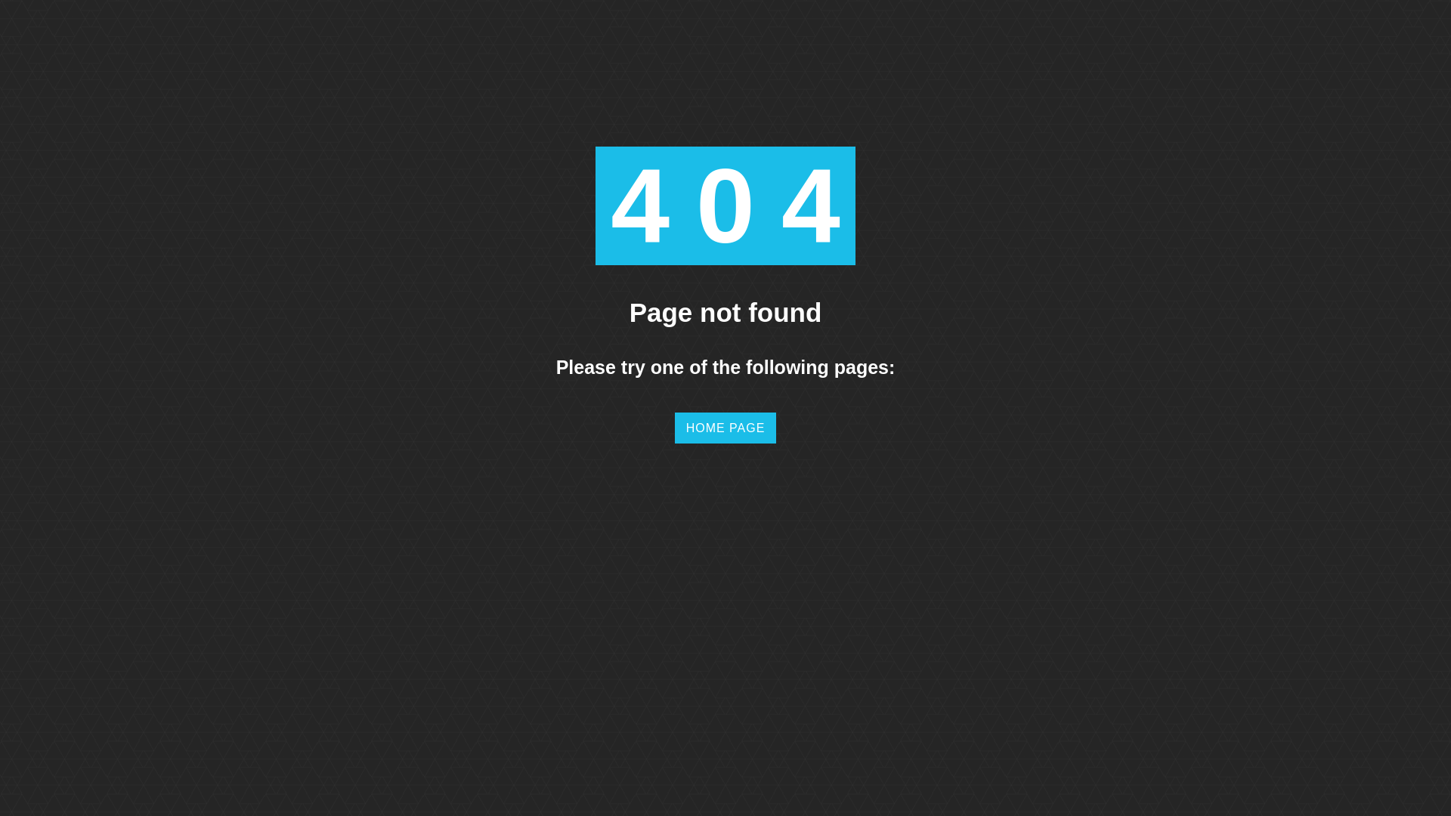  I want to click on 'HOME PAGE', so click(673, 428).